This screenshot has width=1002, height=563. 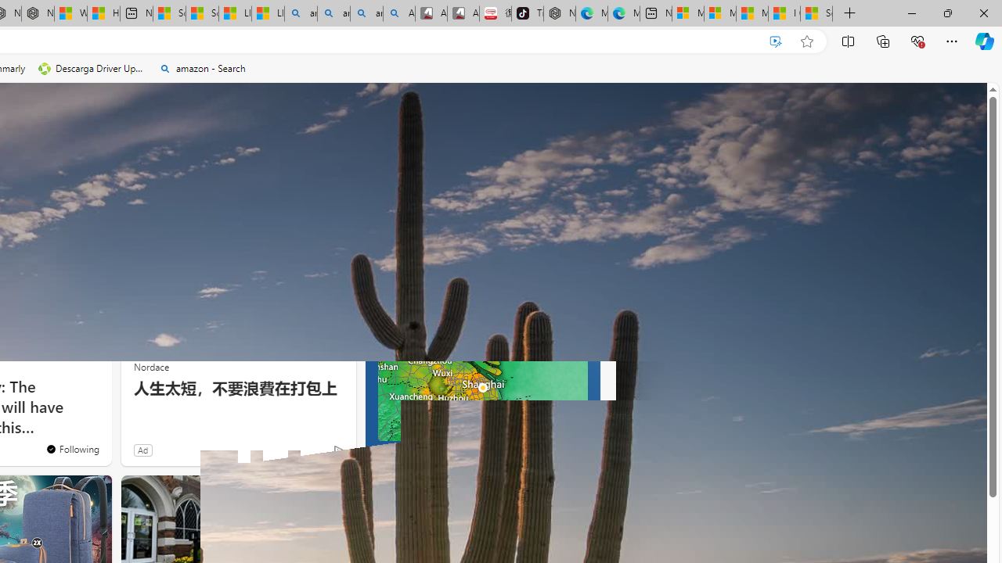 I want to click on 'Collections', so click(x=883, y=40).